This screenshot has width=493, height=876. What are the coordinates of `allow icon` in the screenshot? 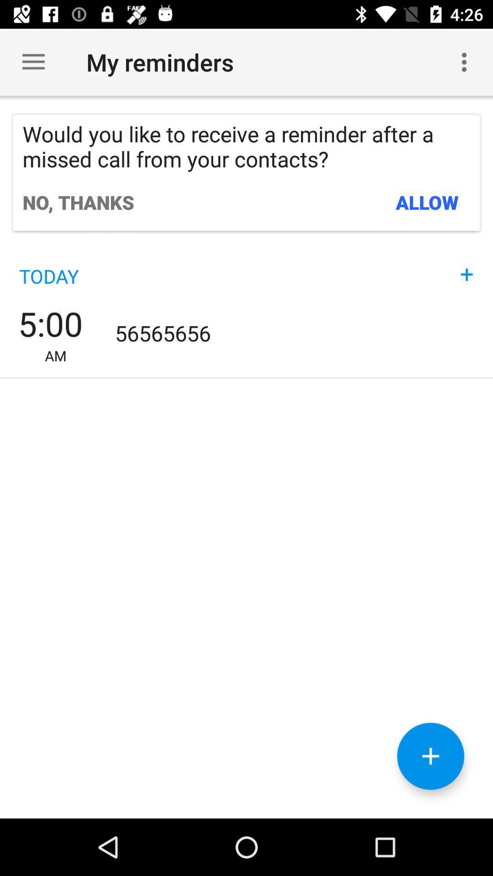 It's located at (427, 202).